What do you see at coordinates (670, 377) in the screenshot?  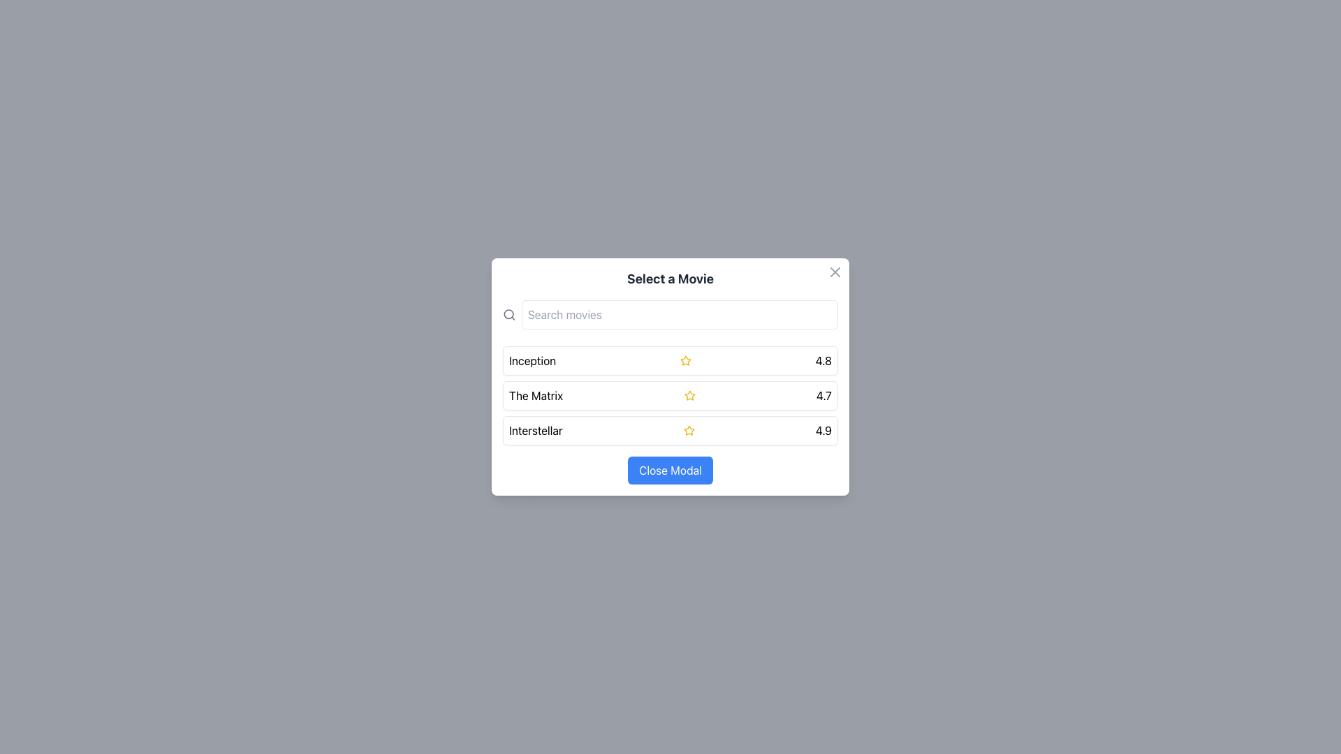 I see `within the movie list of the modal dialog box titled 'Select a Movie'` at bounding box center [670, 377].